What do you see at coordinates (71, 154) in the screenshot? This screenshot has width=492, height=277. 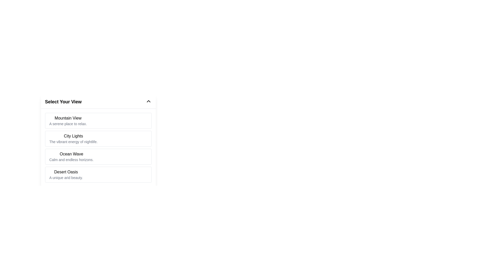 I see `the text label 'Ocean Wave'` at bounding box center [71, 154].